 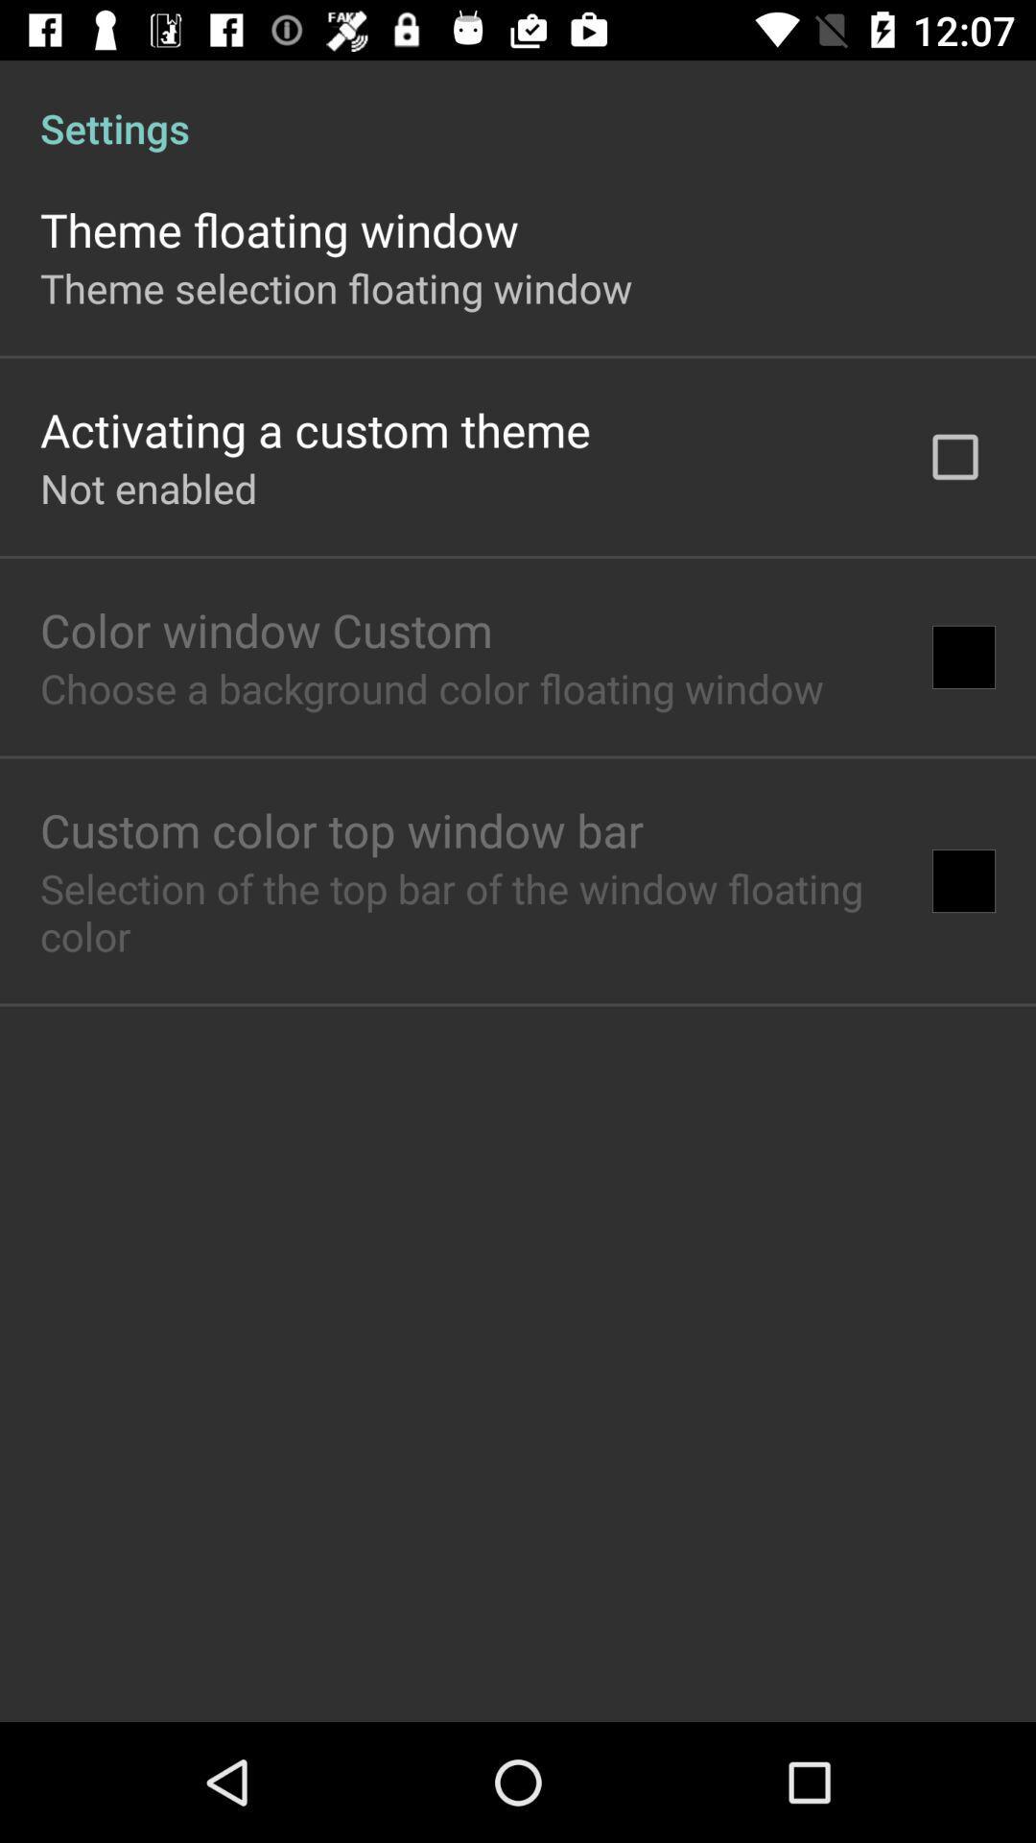 What do you see at coordinates (954, 456) in the screenshot?
I see `the icon next to the activating a custom icon` at bounding box center [954, 456].